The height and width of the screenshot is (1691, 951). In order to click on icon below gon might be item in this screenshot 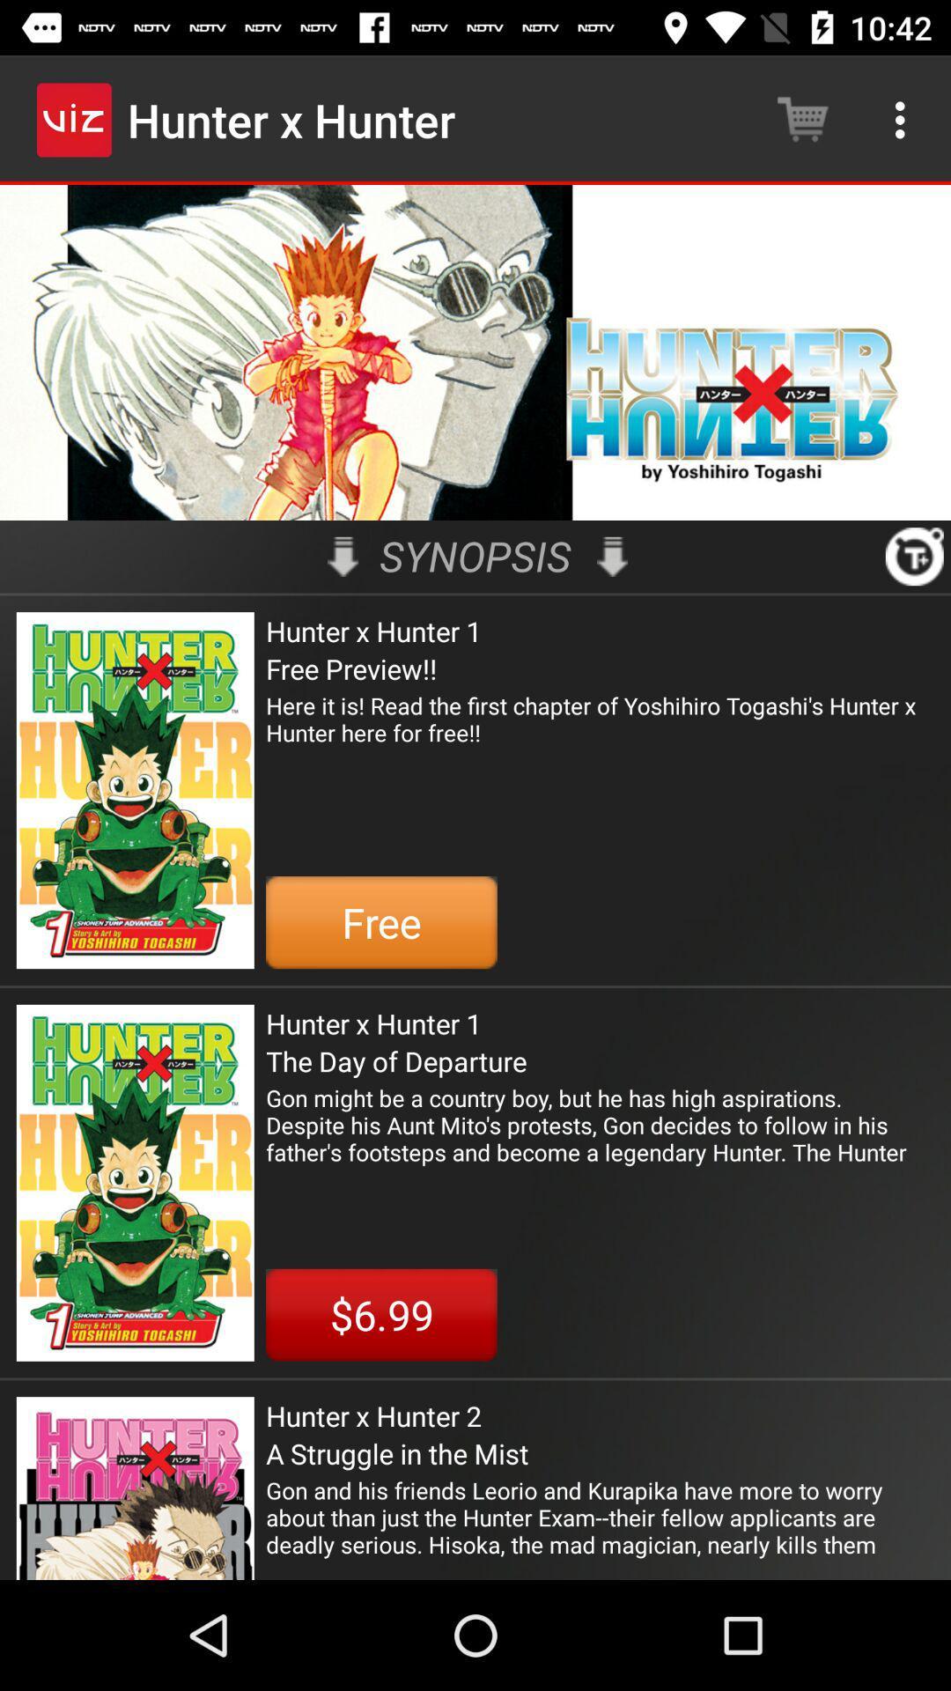, I will do `click(380, 1315)`.